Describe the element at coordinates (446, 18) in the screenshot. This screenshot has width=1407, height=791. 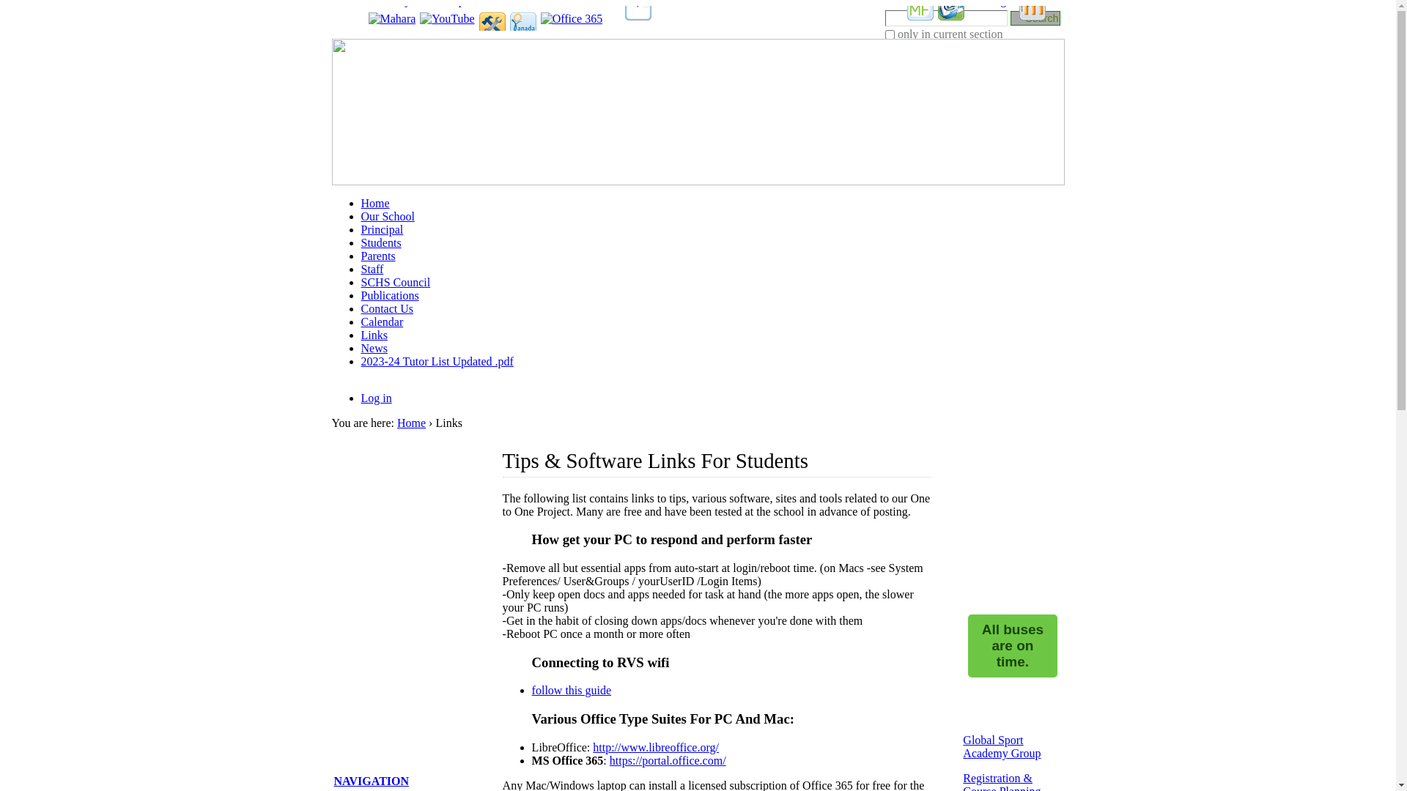
I see `'YouTube'` at that location.